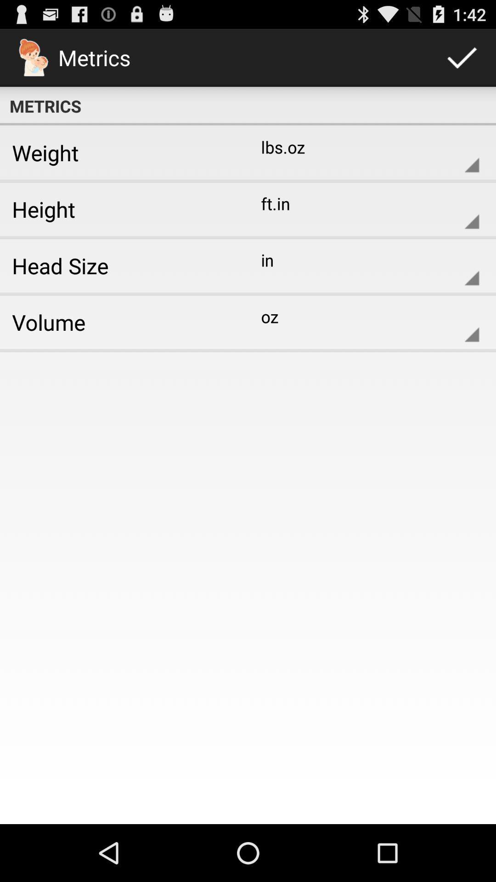 The image size is (496, 882). I want to click on item to the right of the height app, so click(362, 209).